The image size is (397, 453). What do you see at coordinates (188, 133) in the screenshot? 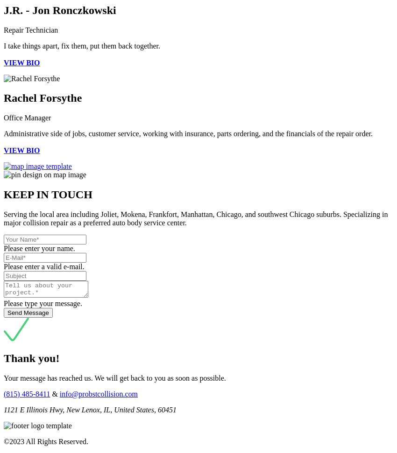
I see `'Administrative side of jobs, customer service, working with insurance, parts ordering, and the financials of the repair order.'` at bounding box center [188, 133].